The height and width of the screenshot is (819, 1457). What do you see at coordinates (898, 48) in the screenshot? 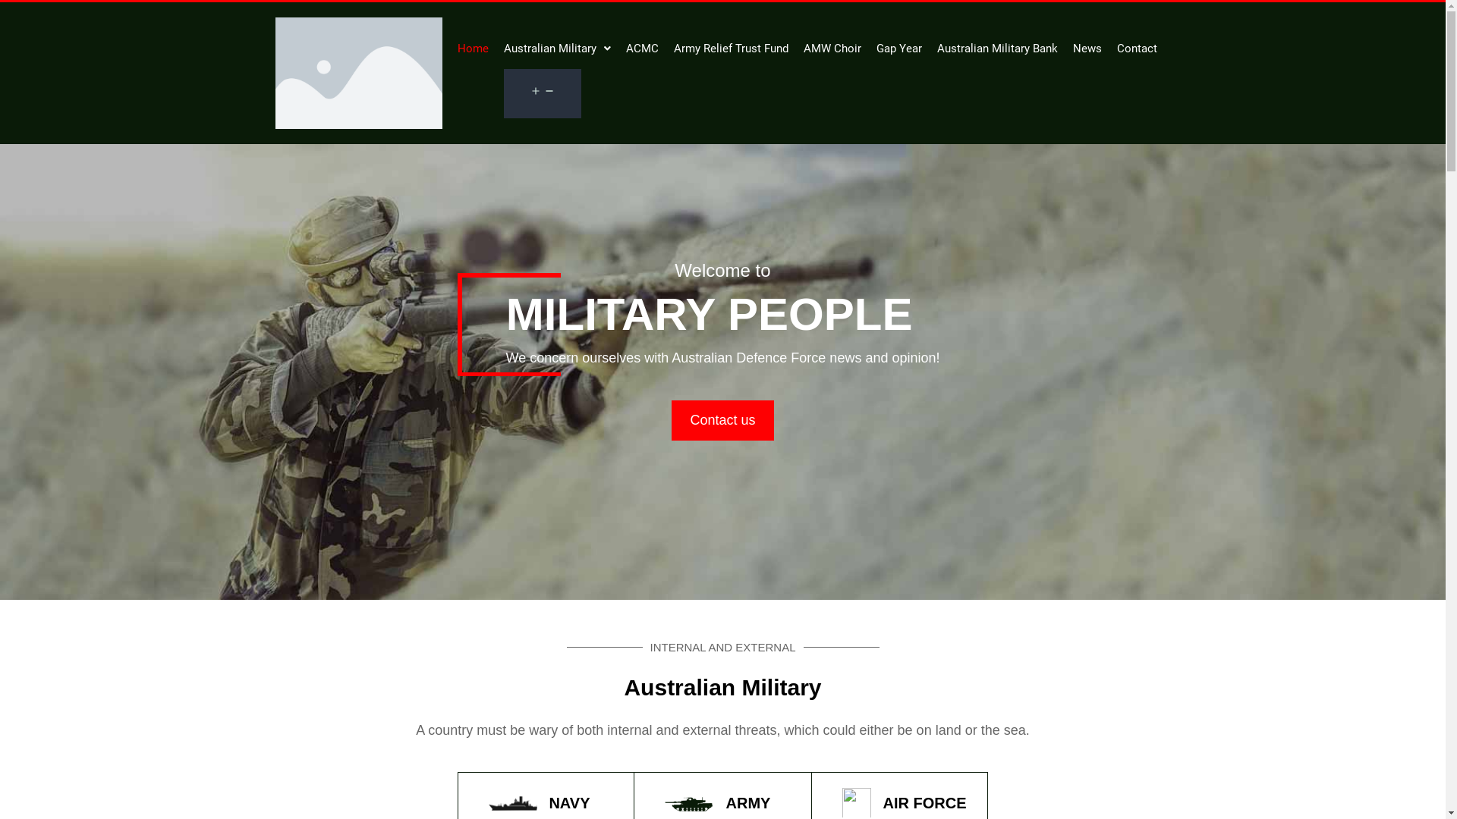
I see `'Gap Year'` at bounding box center [898, 48].